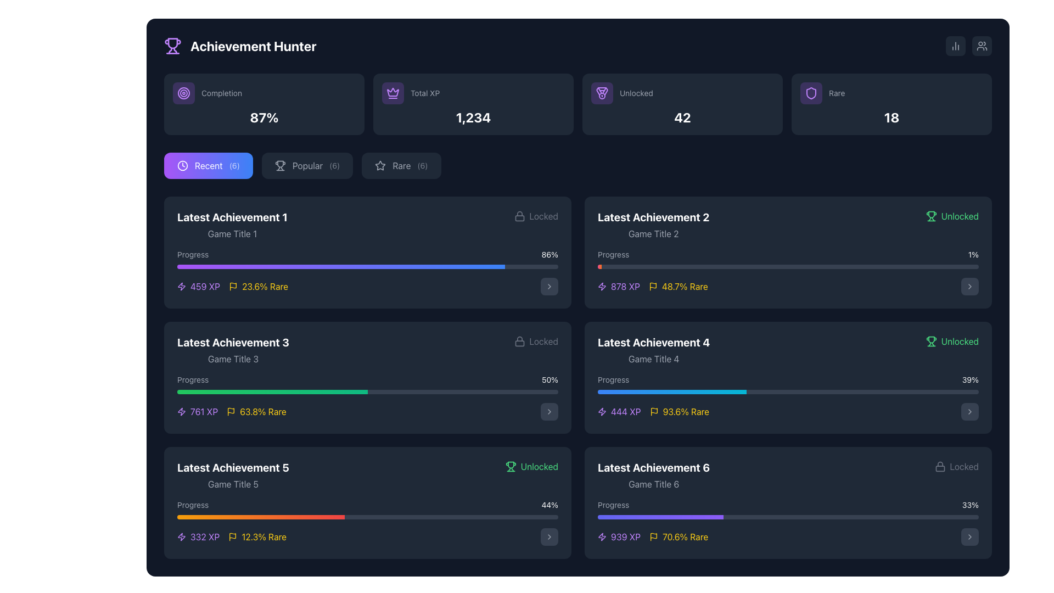  Describe the element at coordinates (231, 411) in the screenshot. I see `properties of the flag icon representing achievement rarity, located to the right of the XP value indicator ('761 XP')` at that location.